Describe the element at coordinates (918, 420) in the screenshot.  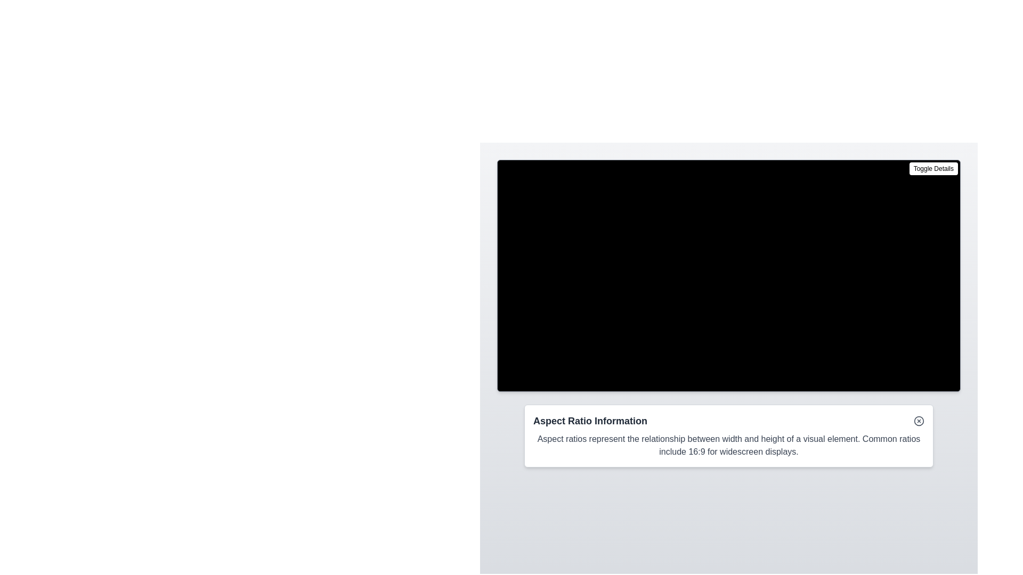
I see `the circular gray icon with an 'X' mark located adjacent to the right of the 'Aspect Ratio Information' label` at that location.